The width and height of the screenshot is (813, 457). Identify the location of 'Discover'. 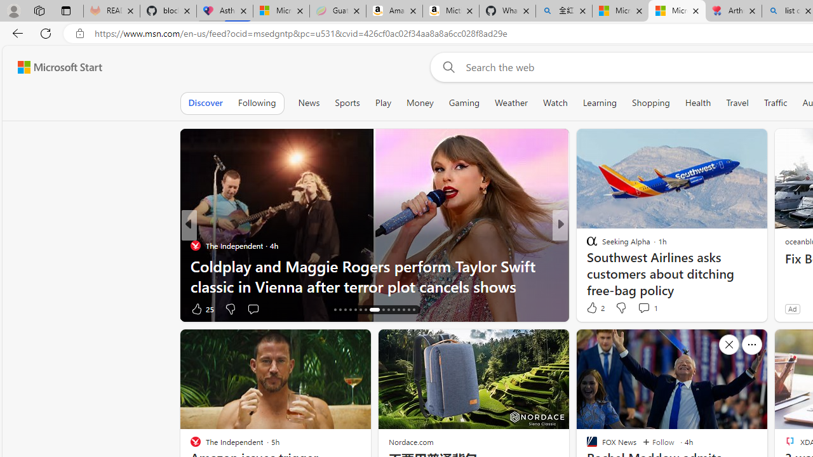
(205, 102).